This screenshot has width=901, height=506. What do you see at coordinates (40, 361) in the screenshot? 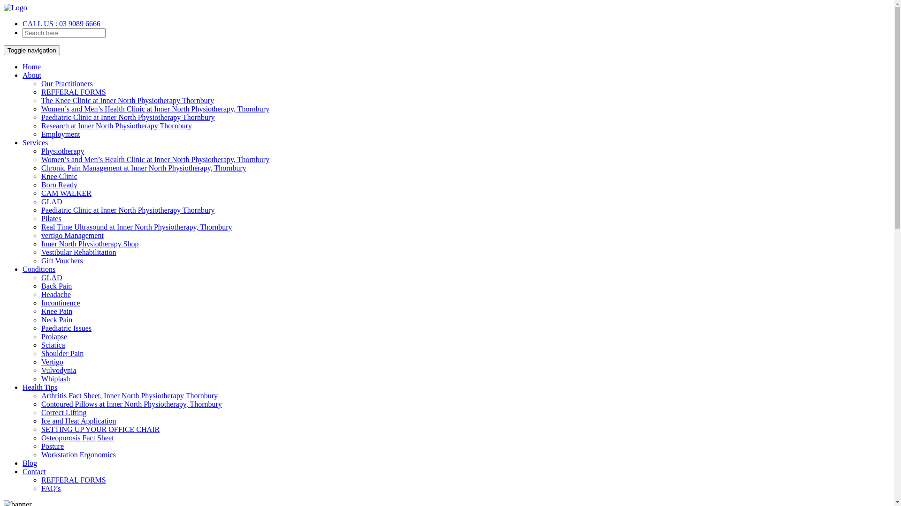
I see `'Vertigo'` at bounding box center [40, 361].